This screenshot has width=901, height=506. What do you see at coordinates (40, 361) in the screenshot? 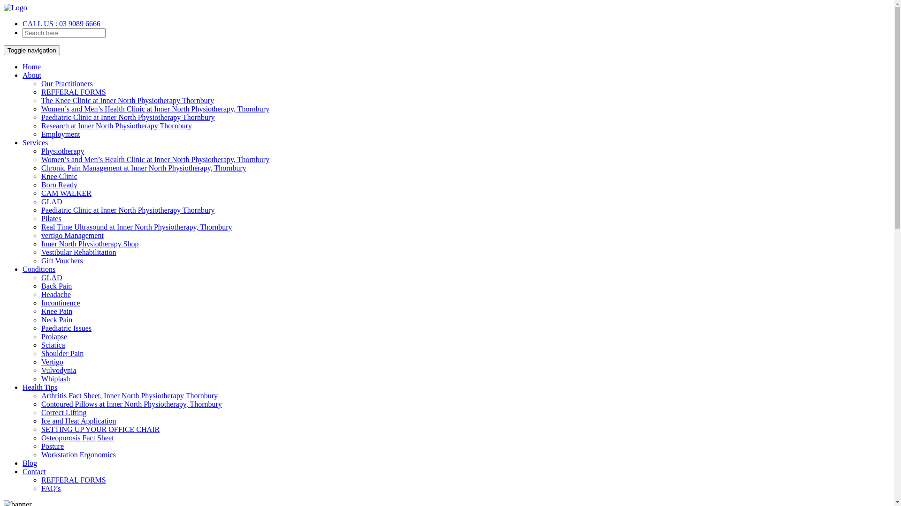
I see `'Vertigo'` at bounding box center [40, 361].